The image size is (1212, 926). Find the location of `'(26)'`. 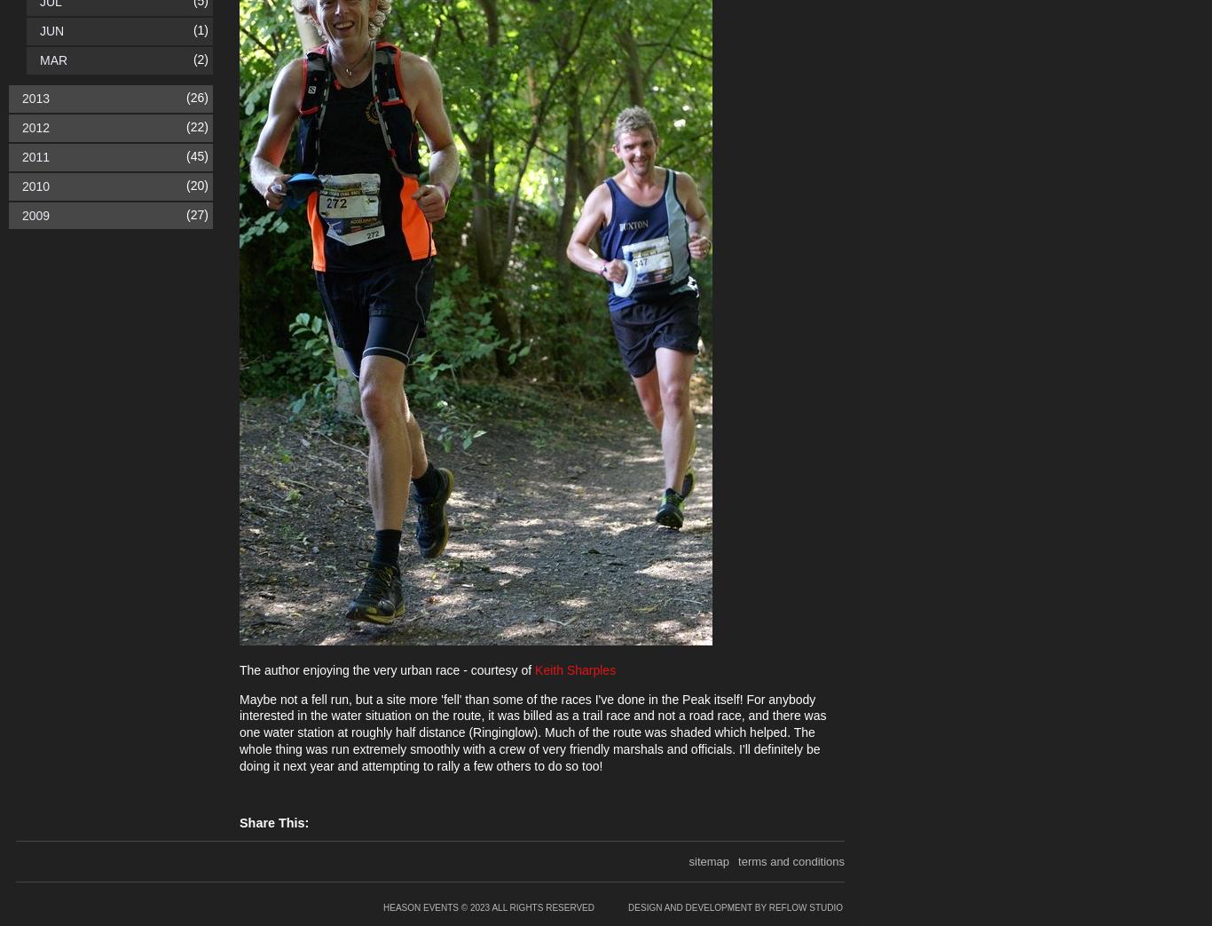

'(26)' is located at coordinates (196, 98).